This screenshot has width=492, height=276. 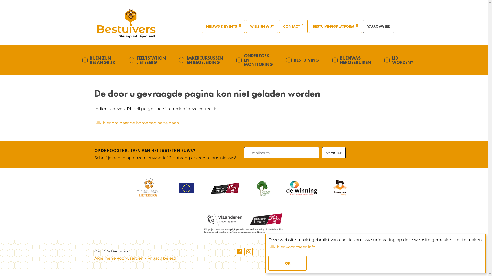 What do you see at coordinates (288, 263) in the screenshot?
I see `'OK'` at bounding box center [288, 263].